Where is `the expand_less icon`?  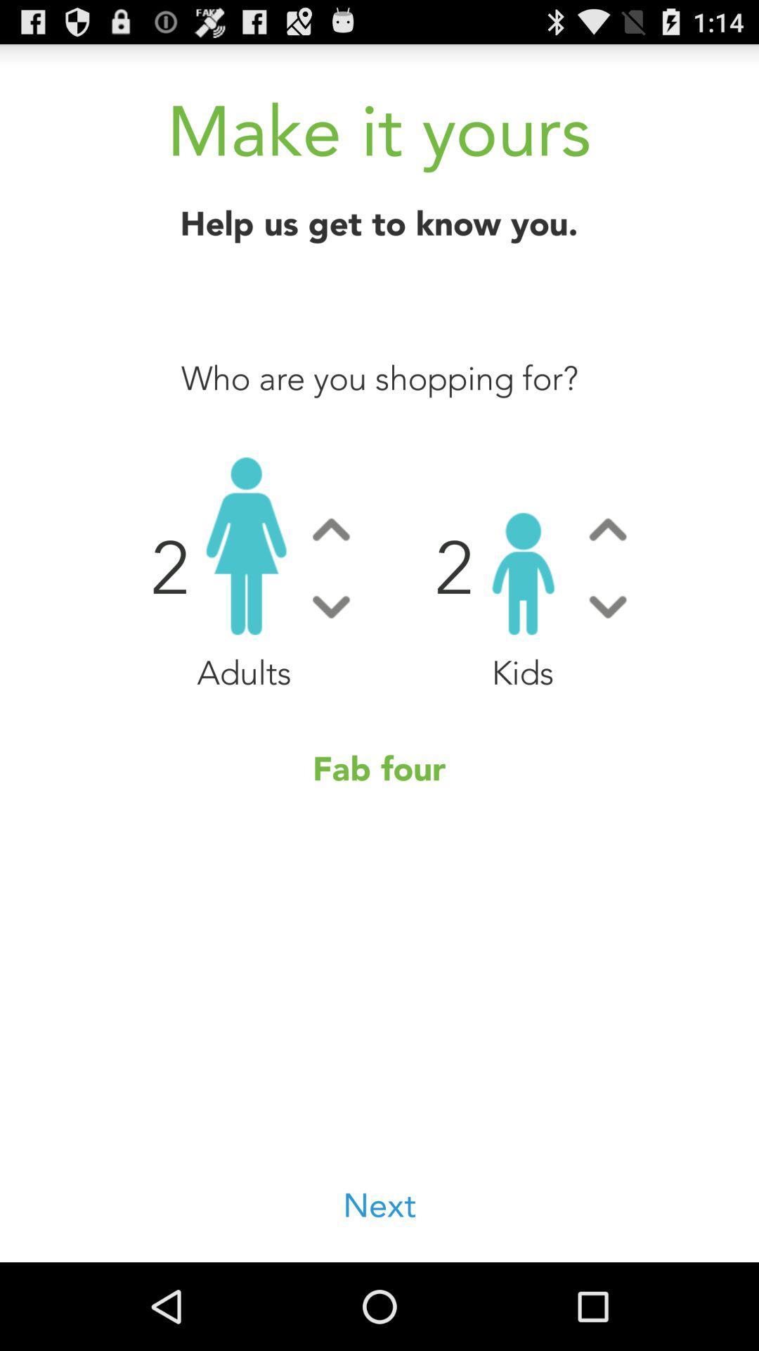 the expand_less icon is located at coordinates (607, 566).